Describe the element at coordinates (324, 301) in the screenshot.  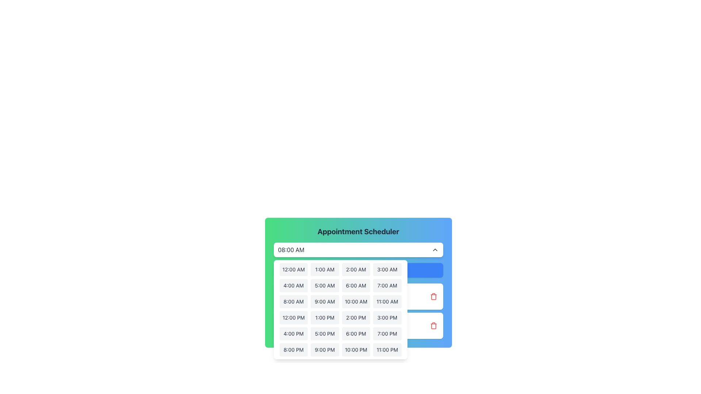
I see `the '9:00 AM' button, which is the fifth button in the third row of the grid in the Appointment Scheduler interface` at that location.